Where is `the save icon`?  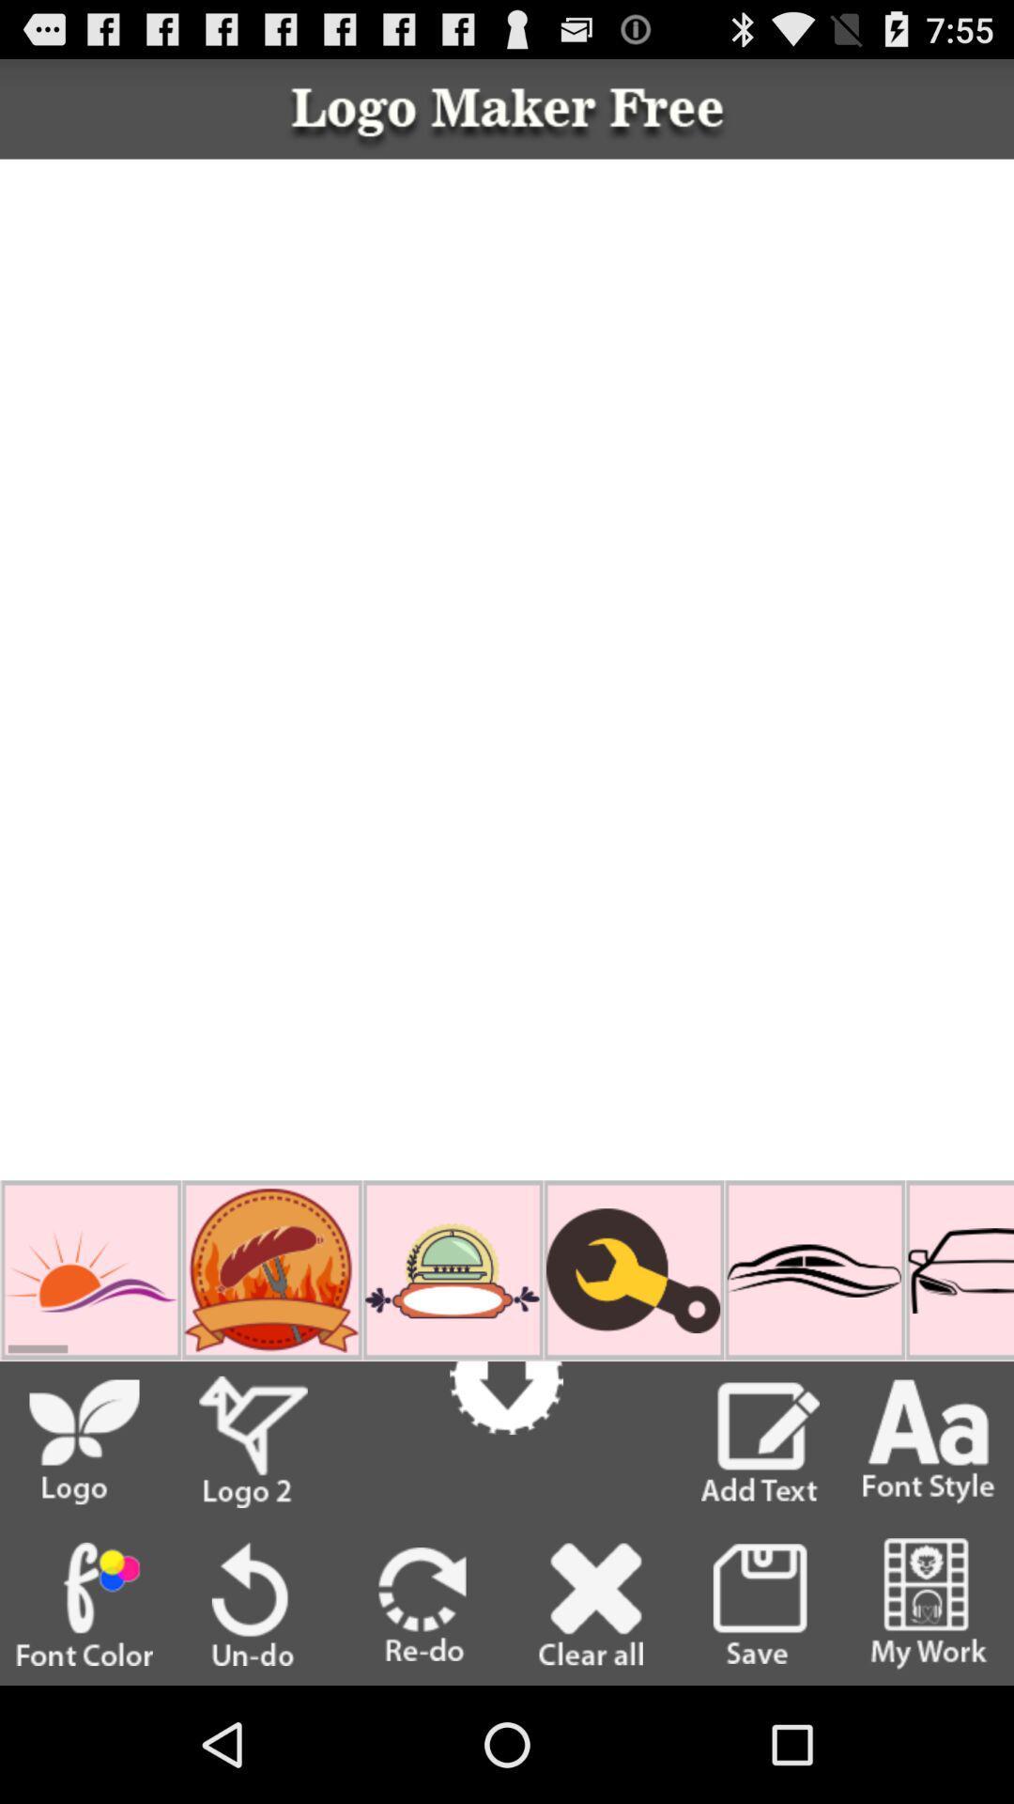 the save icon is located at coordinates (759, 1716).